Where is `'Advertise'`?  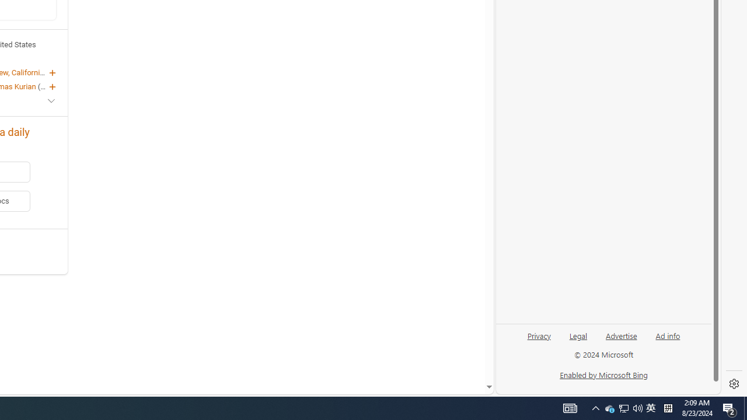
'Advertise' is located at coordinates (620, 335).